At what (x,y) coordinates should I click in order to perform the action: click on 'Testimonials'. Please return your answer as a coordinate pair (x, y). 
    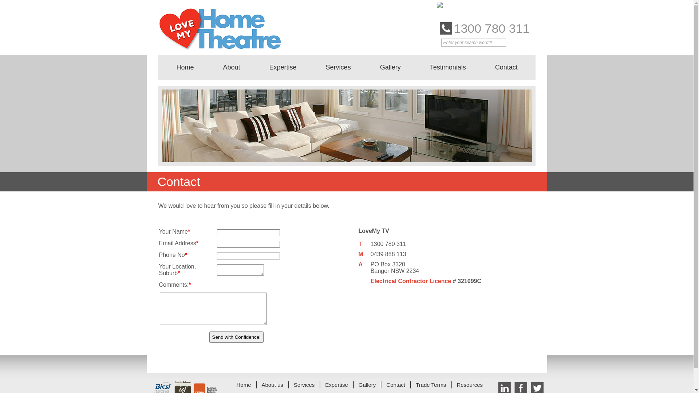
    Looking at the image, I should click on (447, 67).